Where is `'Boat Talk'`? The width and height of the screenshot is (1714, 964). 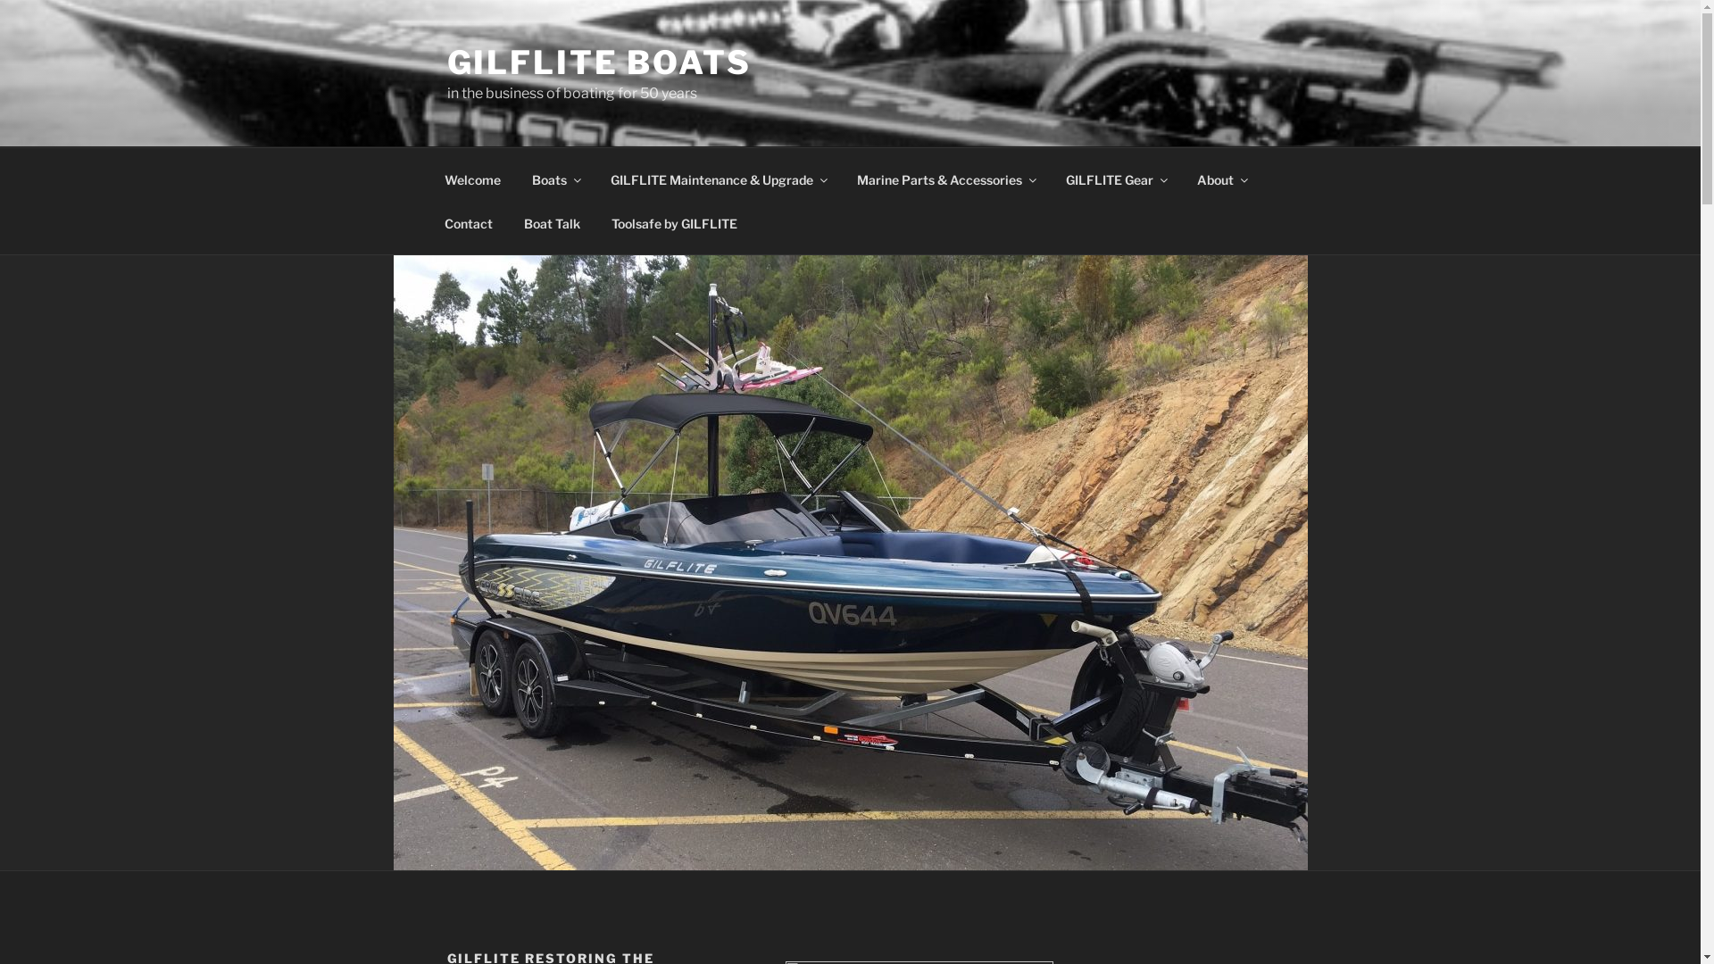 'Boat Talk' is located at coordinates (552, 222).